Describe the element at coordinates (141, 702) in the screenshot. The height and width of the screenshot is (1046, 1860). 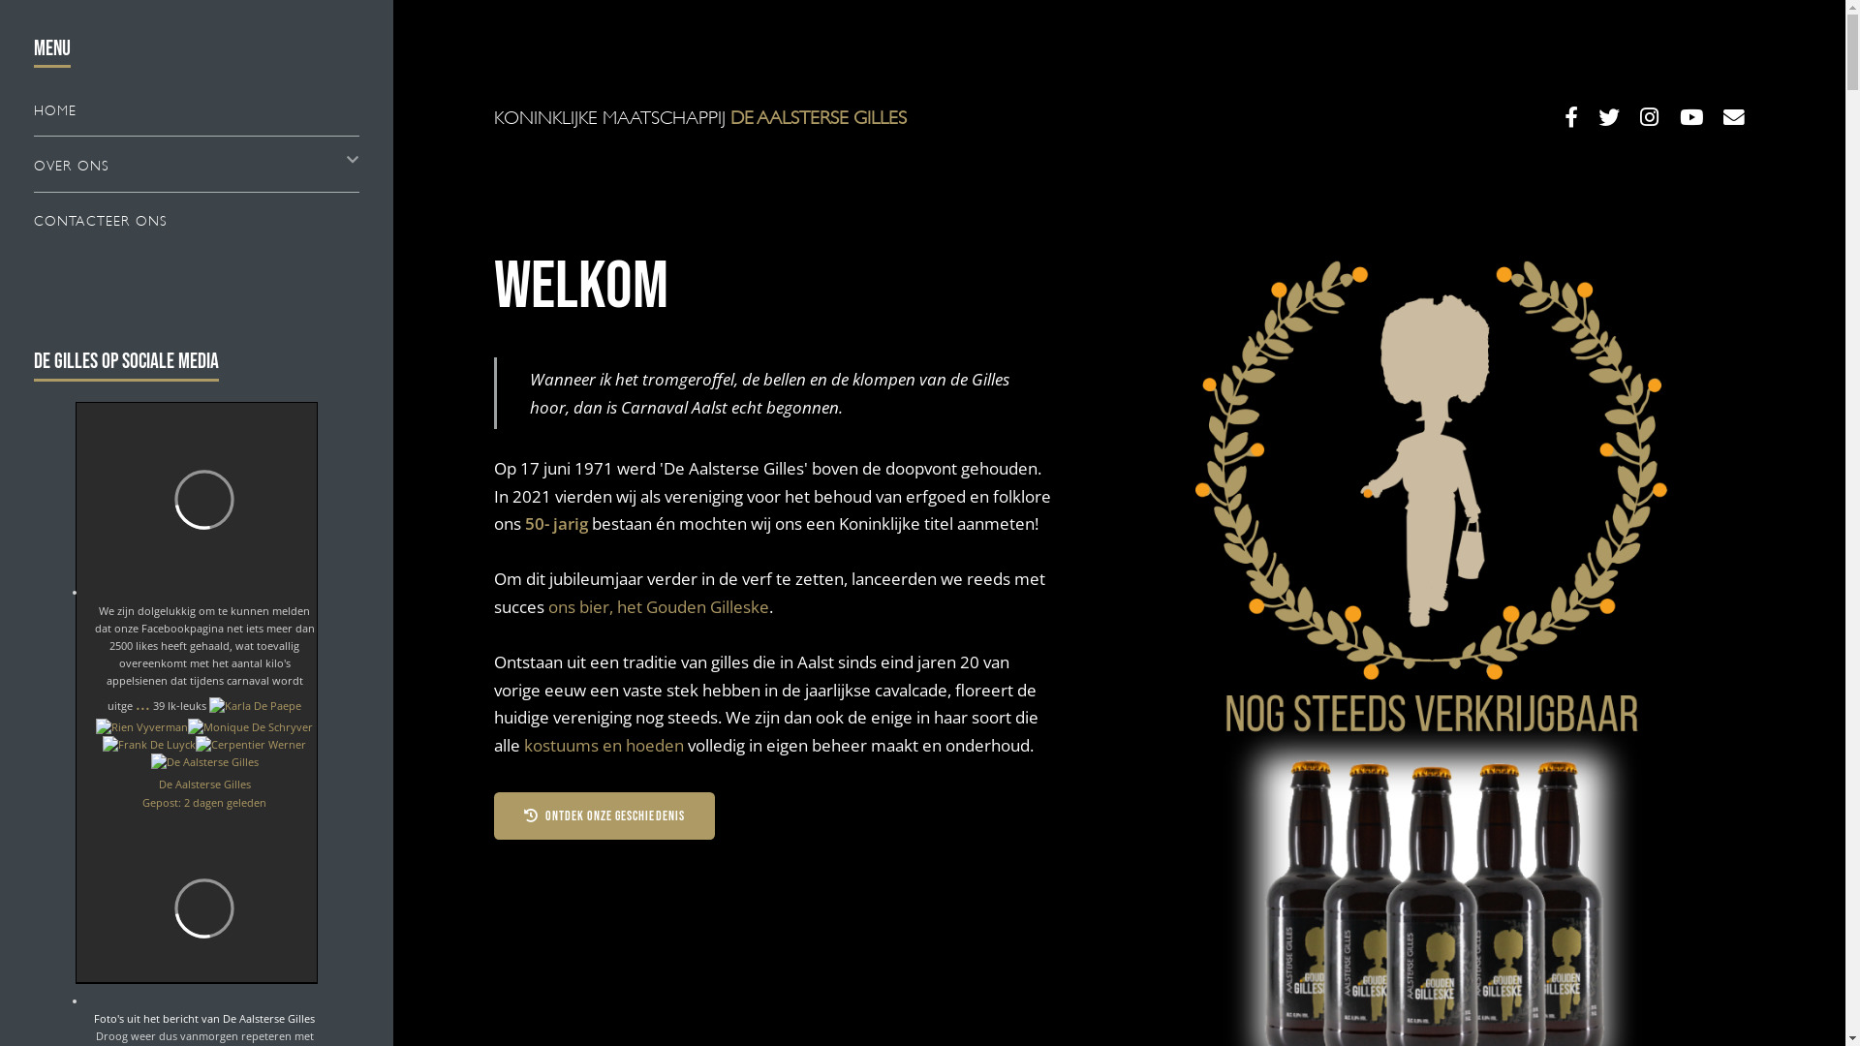
I see `'...'` at that location.